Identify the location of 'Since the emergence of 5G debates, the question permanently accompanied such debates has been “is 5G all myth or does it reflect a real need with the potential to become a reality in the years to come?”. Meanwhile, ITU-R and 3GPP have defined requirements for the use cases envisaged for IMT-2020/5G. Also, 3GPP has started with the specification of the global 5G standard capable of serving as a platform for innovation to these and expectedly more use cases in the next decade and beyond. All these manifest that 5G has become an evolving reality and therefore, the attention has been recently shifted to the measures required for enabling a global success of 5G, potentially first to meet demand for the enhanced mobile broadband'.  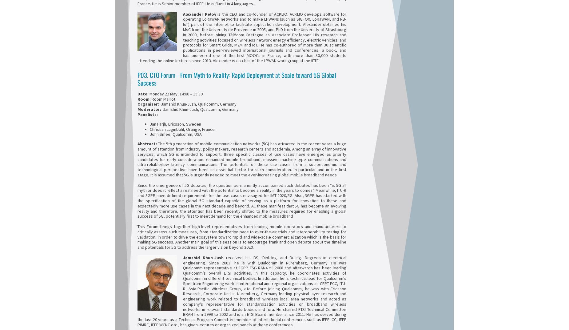
(242, 200).